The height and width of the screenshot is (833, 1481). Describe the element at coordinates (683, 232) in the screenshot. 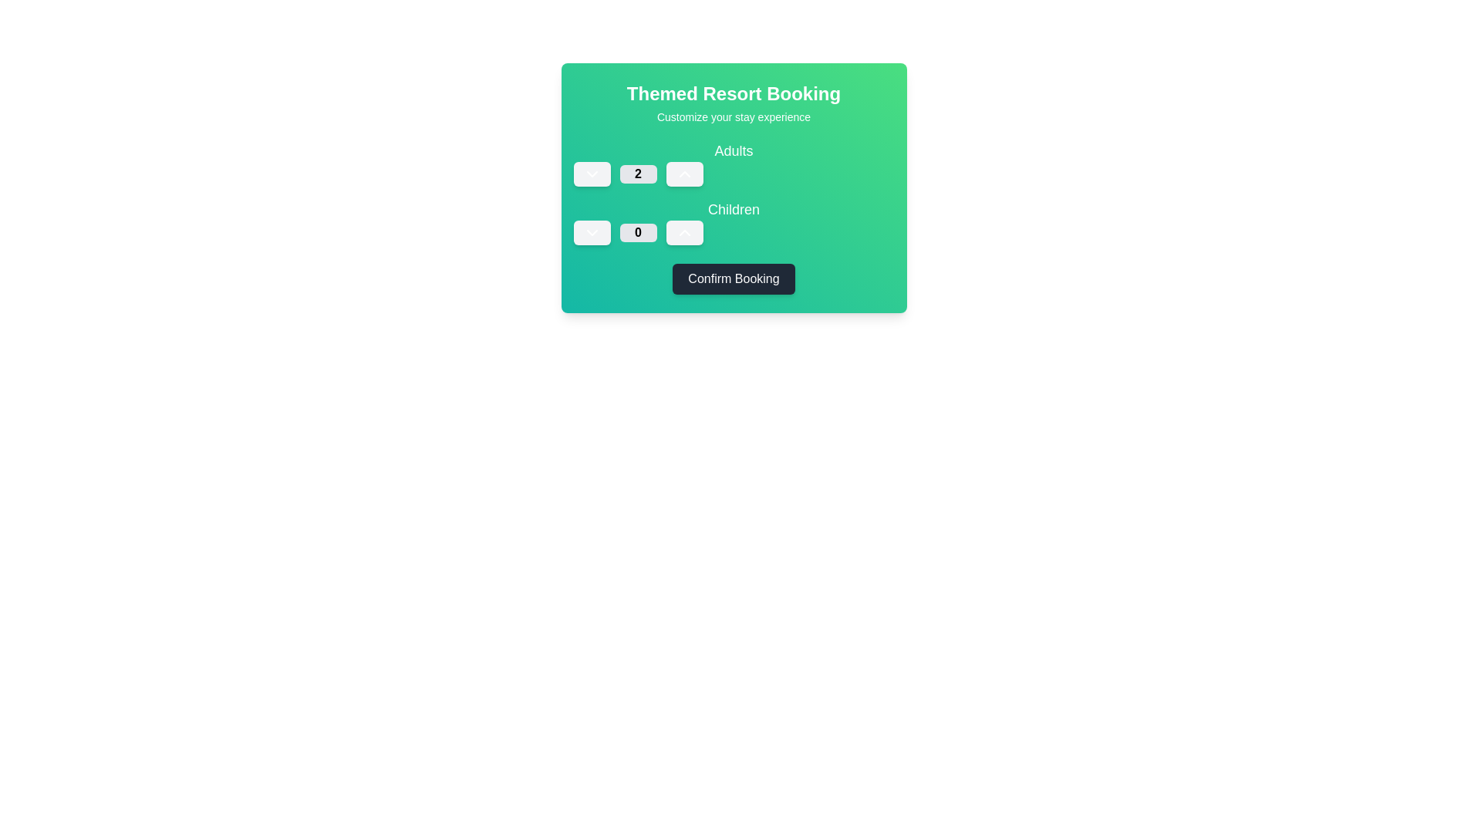

I see `the upward increment button for the 'Children' count to activate the focus effect` at that location.